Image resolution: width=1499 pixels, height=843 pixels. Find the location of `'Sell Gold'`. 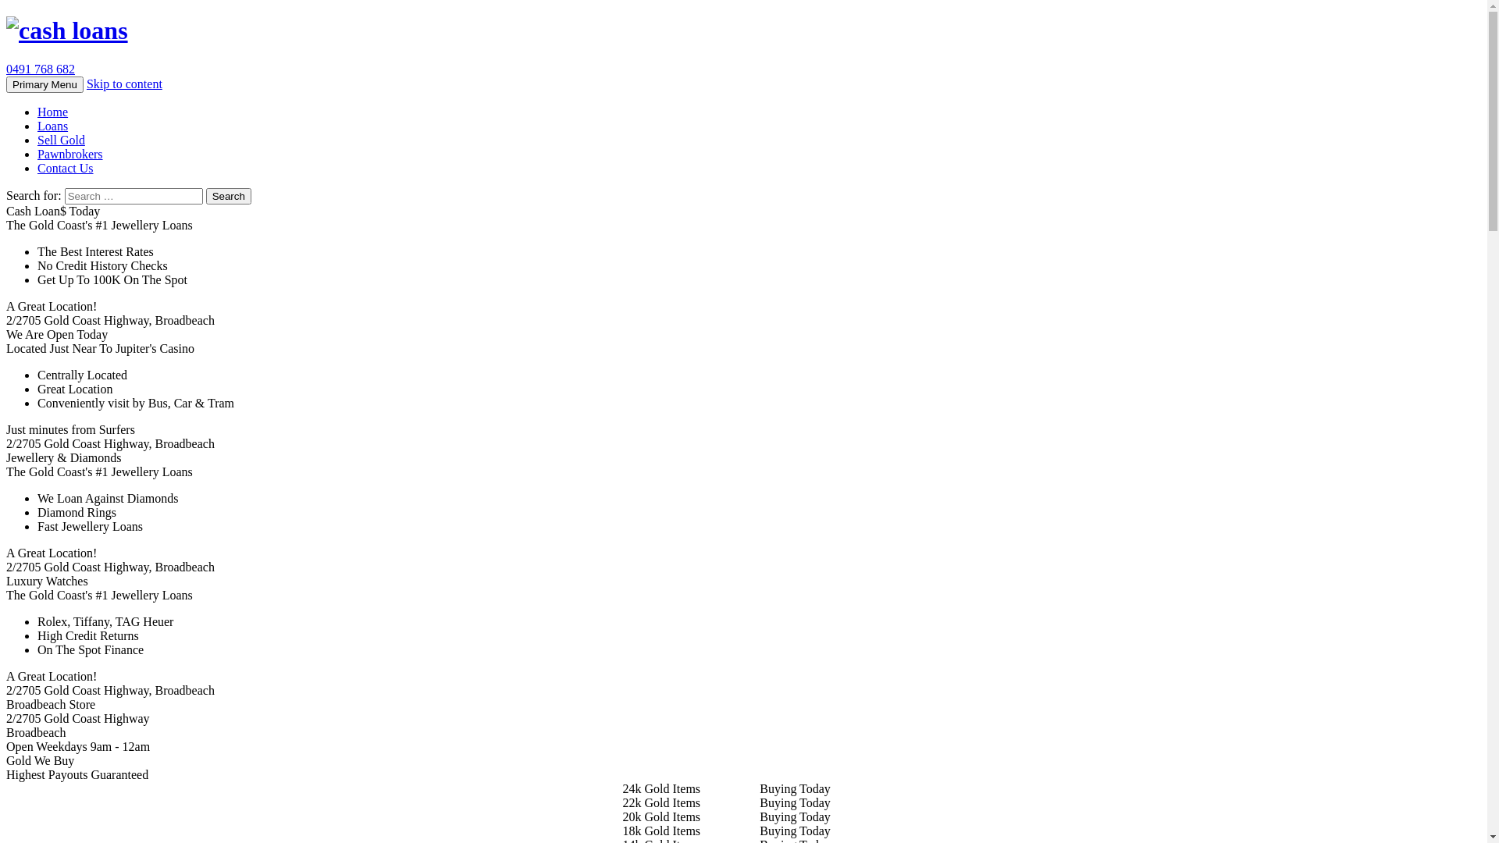

'Sell Gold' is located at coordinates (37, 139).